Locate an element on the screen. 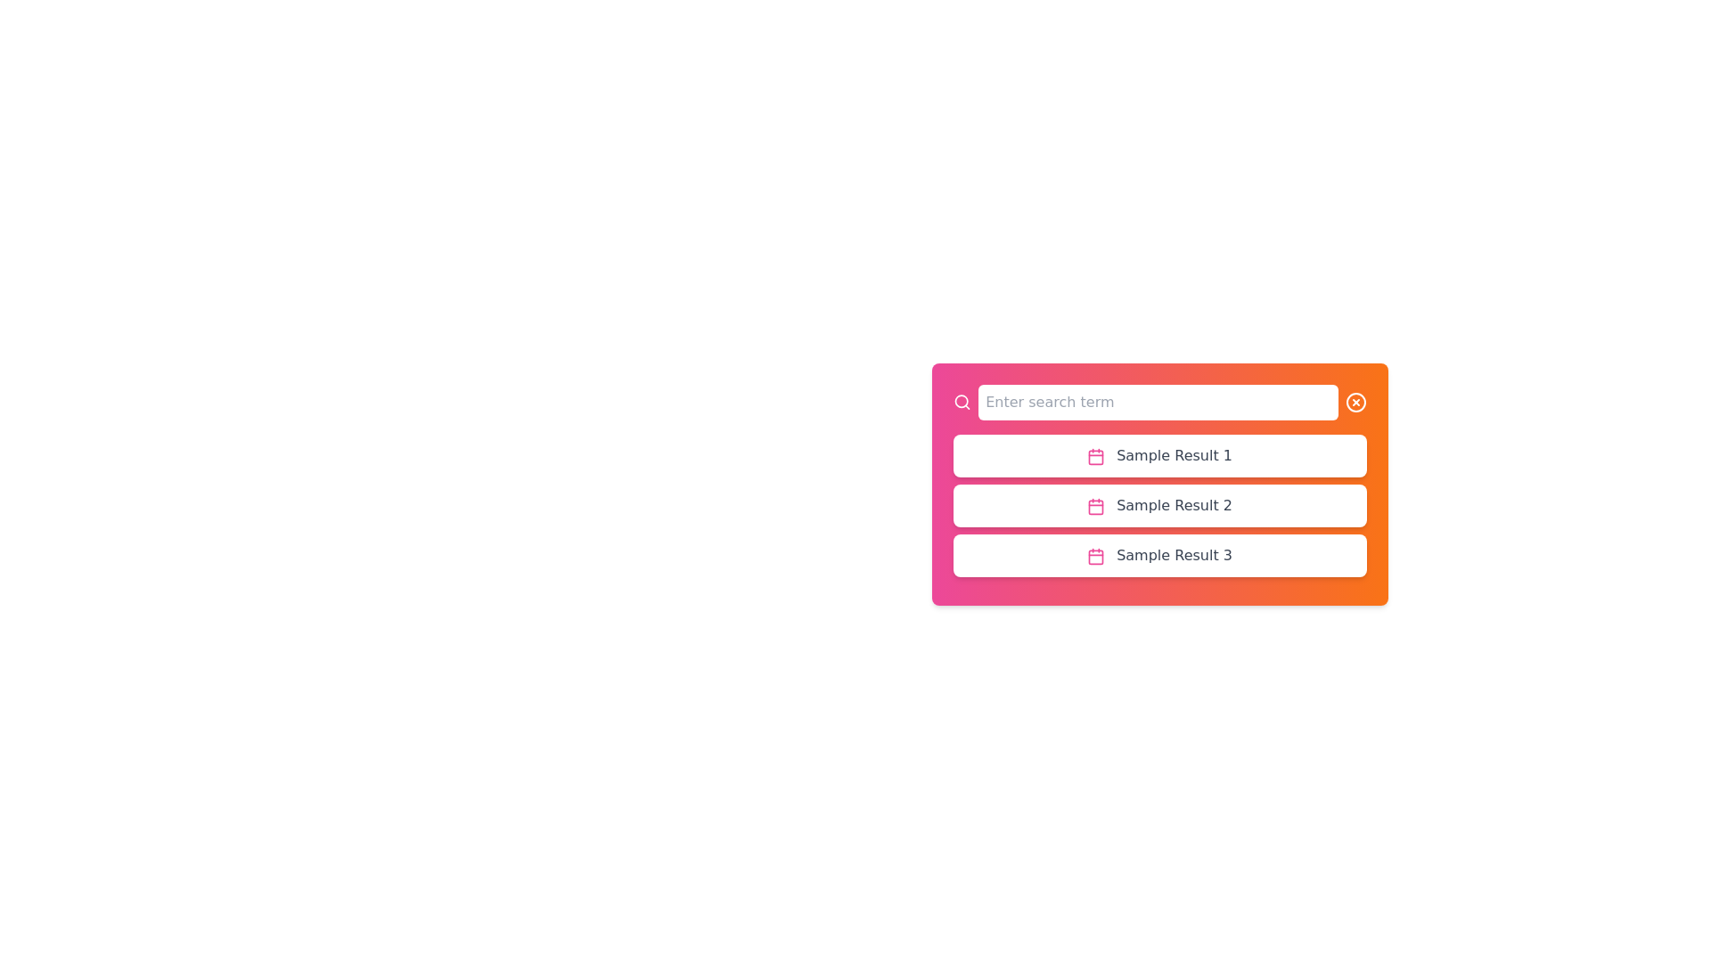 This screenshot has height=962, width=1711. the SVG Circle that visually represents the circular part of the magnifying glass icon, which indicates a search function is located at coordinates (961, 402).